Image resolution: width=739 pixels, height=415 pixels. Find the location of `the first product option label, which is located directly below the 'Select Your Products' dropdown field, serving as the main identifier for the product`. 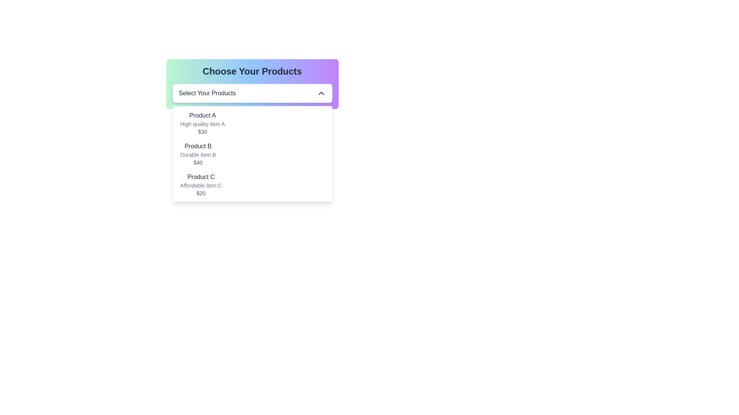

the first product option label, which is located directly below the 'Select Your Products' dropdown field, serving as the main identifier for the product is located at coordinates (202, 115).